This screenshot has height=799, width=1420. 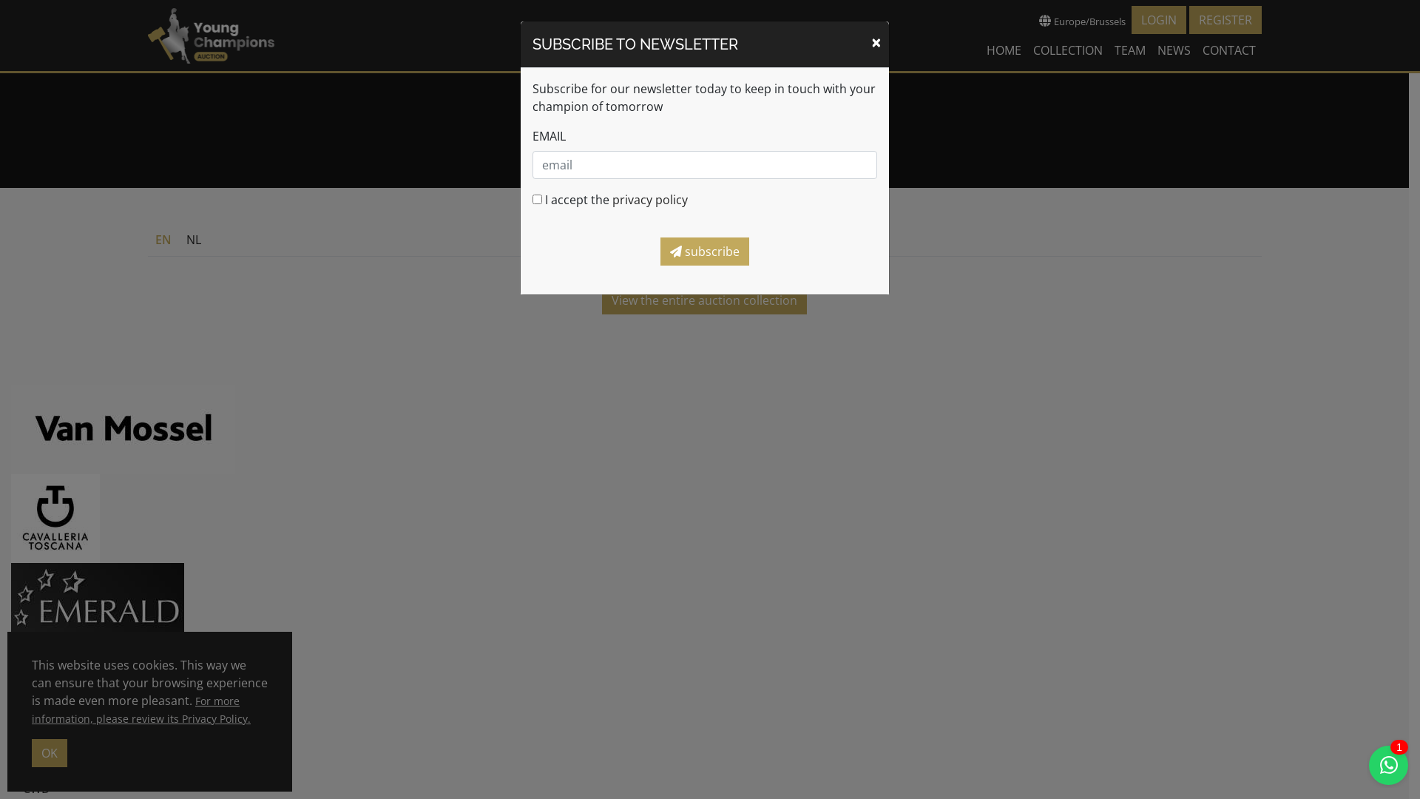 I want to click on 'REGISTER', so click(x=1225, y=20).